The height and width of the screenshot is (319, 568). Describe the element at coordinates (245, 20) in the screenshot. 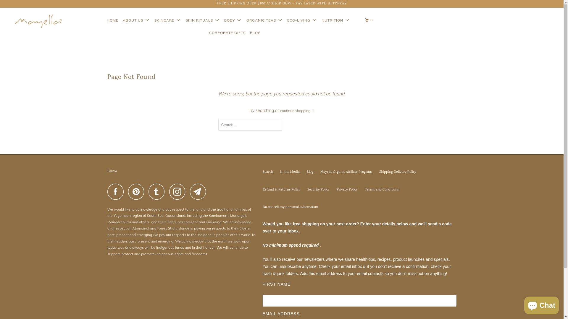

I see `'ORGANIC TEAS  '` at that location.